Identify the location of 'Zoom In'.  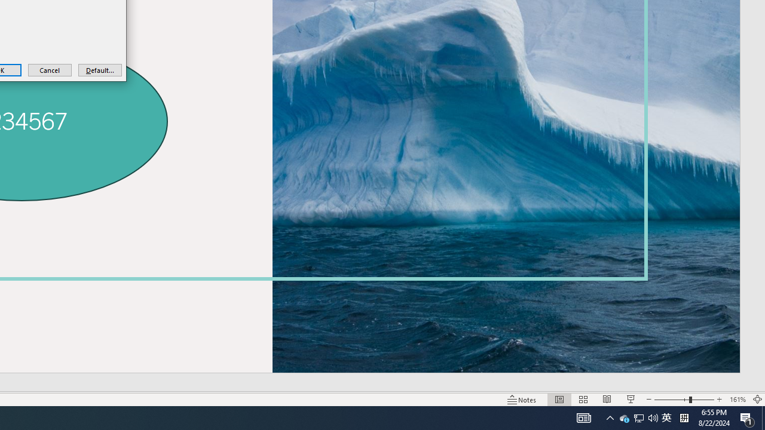
(719, 400).